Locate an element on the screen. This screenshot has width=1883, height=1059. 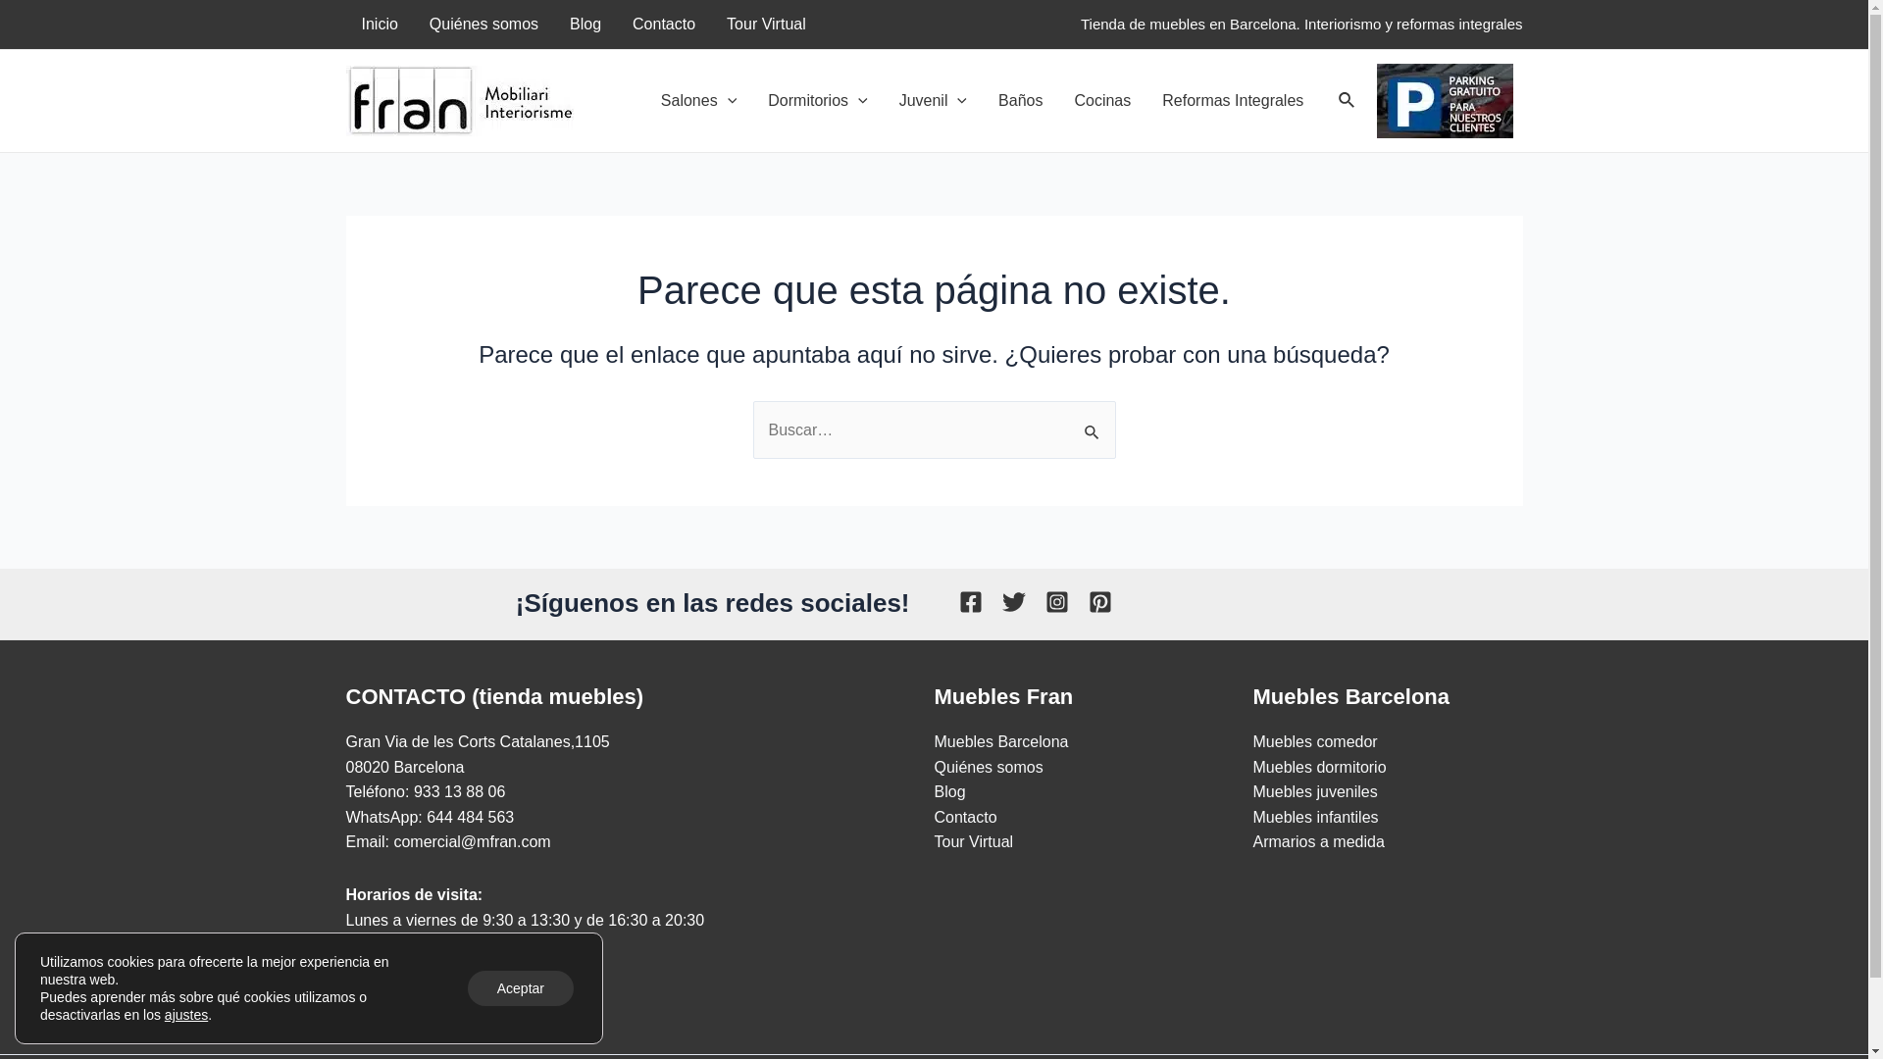
'Blog' is located at coordinates (584, 24).